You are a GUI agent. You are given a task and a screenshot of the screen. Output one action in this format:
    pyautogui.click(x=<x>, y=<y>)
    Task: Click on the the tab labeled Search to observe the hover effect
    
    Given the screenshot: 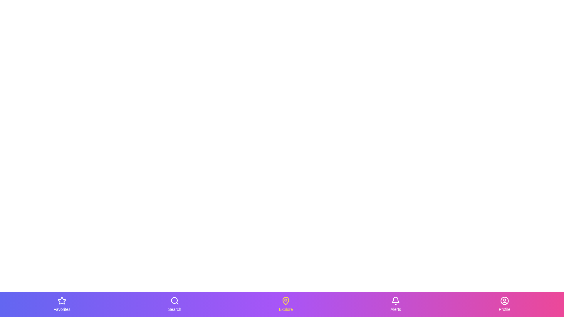 What is the action you would take?
    pyautogui.click(x=174, y=304)
    